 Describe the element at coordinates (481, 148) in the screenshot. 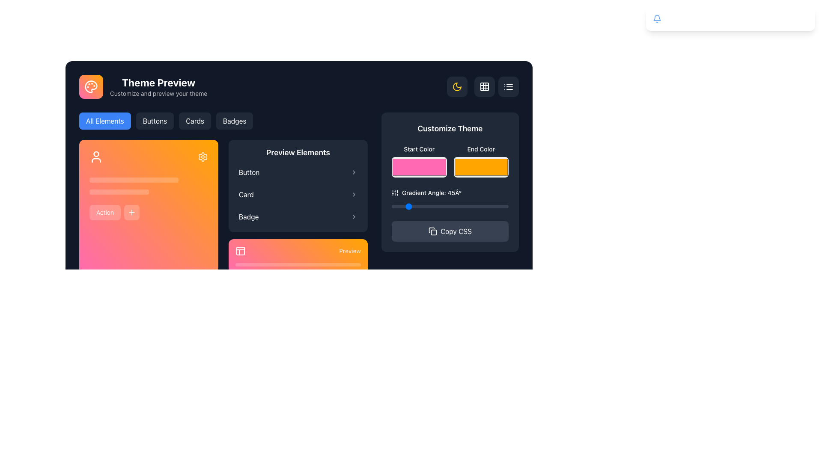

I see `the 'End Color' text label located in the 'Customize Theme' section, which is styled in a small, bold sans-serif font and positioned above the color selection box` at that location.